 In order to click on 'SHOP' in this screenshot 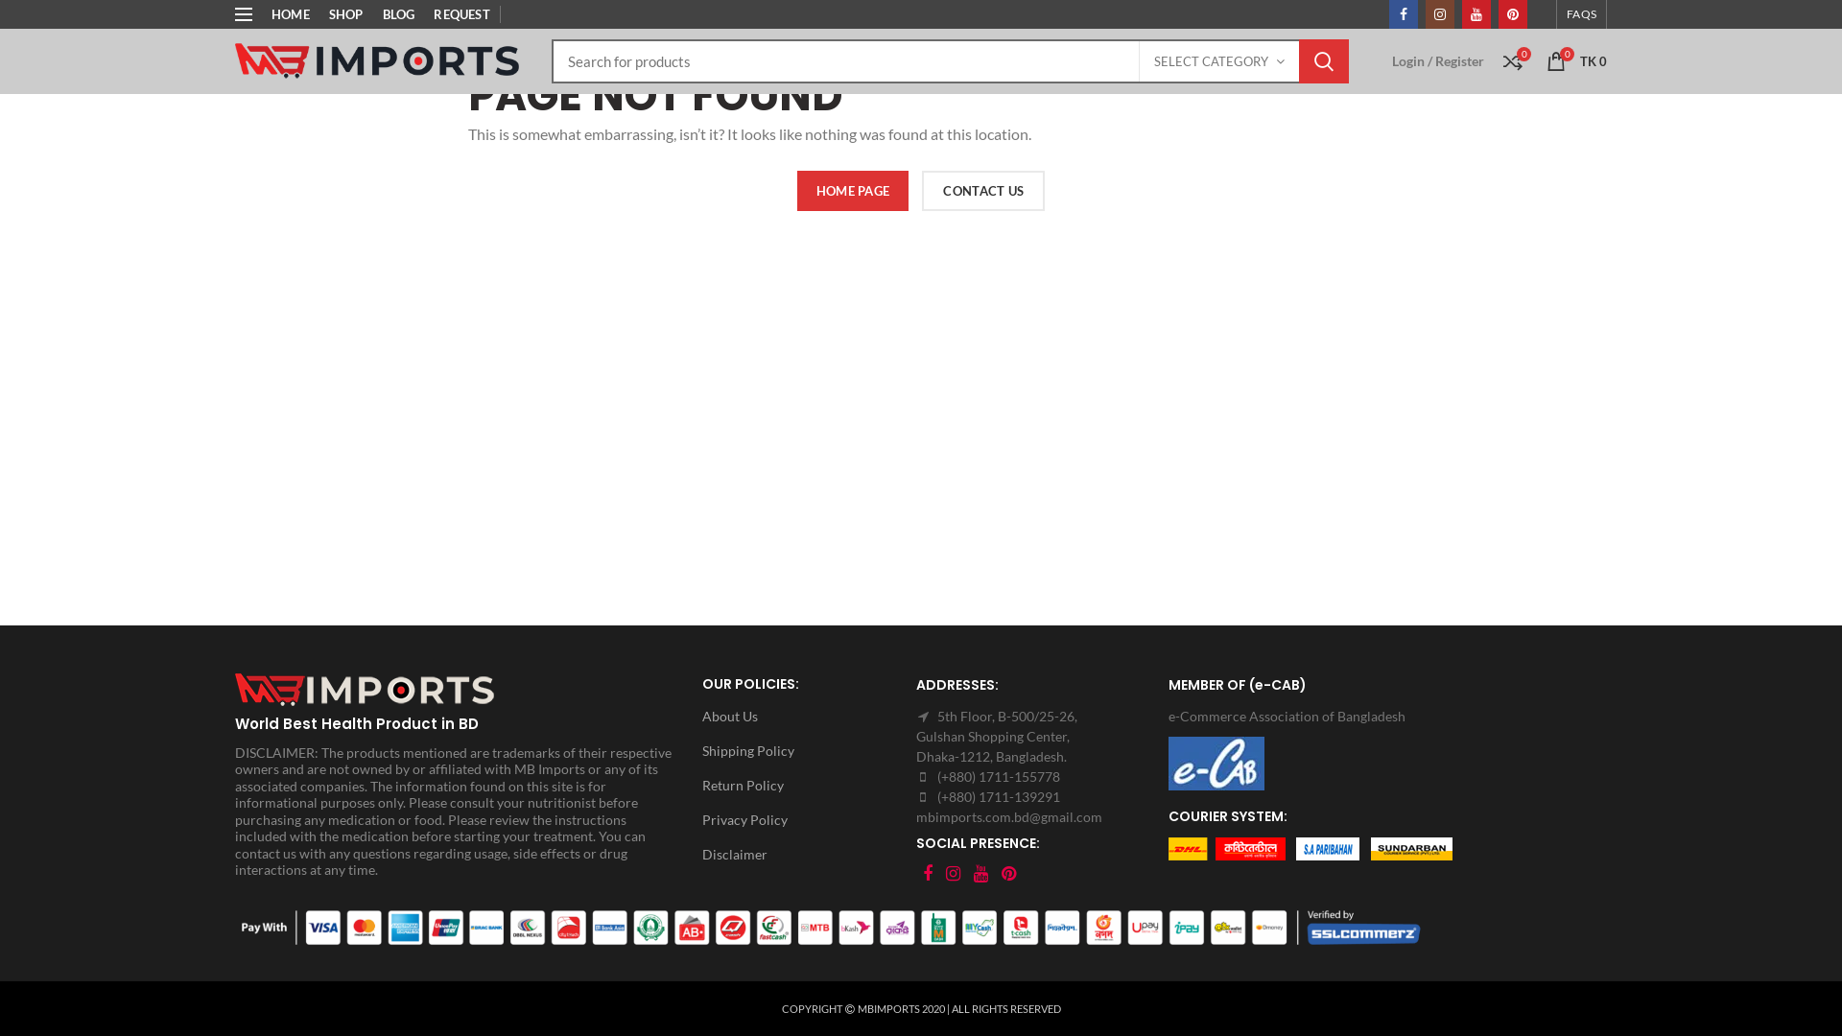, I will do `click(319, 14)`.